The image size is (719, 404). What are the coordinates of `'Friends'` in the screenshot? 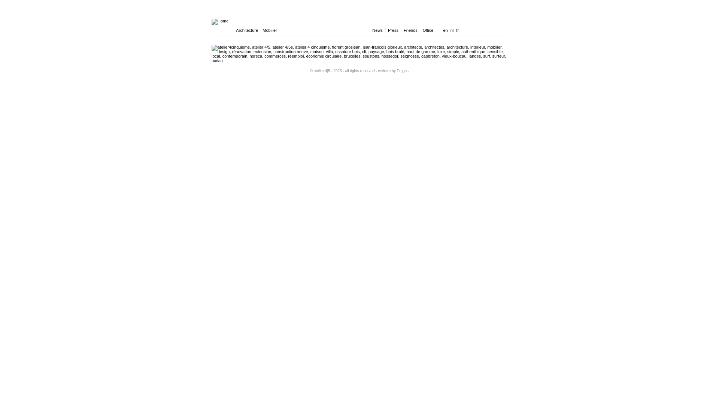 It's located at (411, 30).